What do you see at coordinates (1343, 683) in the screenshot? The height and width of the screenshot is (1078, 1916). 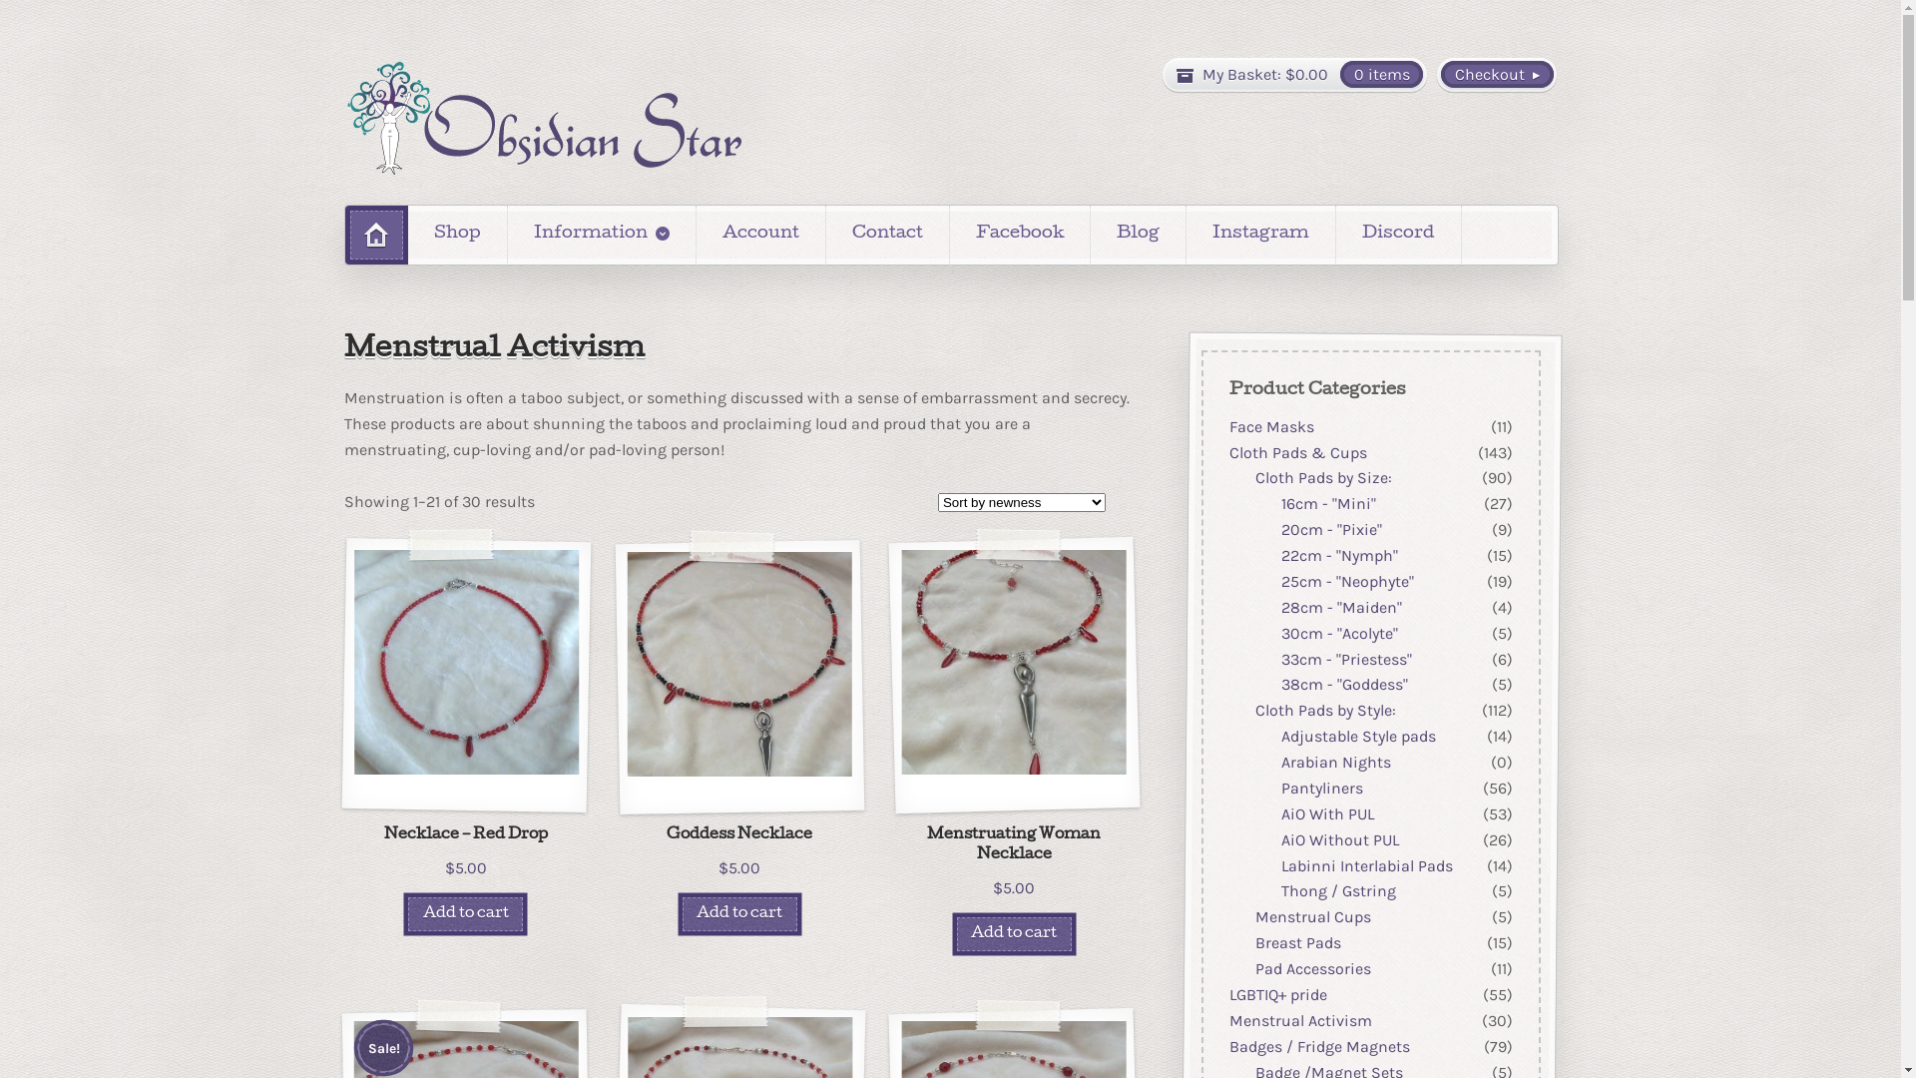 I see `'38cm - "Goddess"'` at bounding box center [1343, 683].